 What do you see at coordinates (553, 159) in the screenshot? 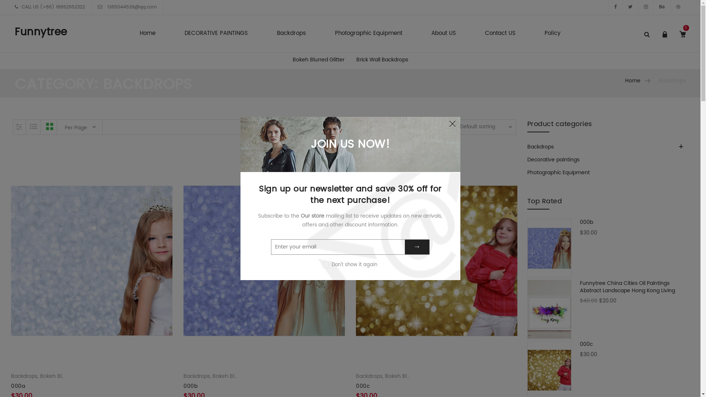
I see `'Decorative paintings'` at bounding box center [553, 159].